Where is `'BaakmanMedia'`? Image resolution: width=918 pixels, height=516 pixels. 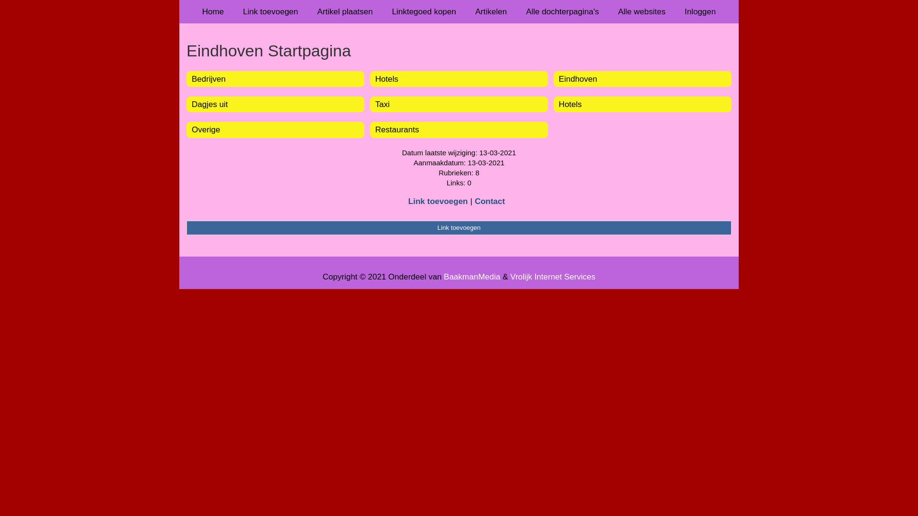
'BaakmanMedia' is located at coordinates (472, 277).